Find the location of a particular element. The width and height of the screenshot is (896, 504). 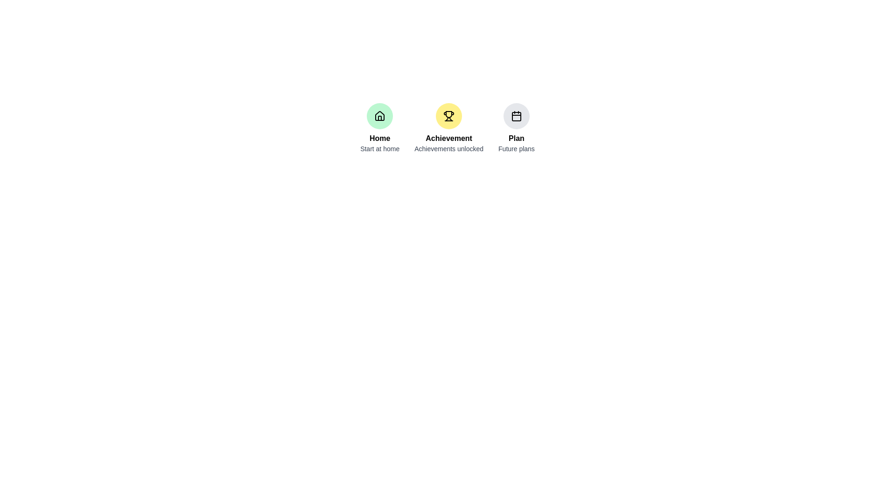

the circular gray icon with a black calendar symbol located in the 'Plan Future plans' section is located at coordinates (516, 116).